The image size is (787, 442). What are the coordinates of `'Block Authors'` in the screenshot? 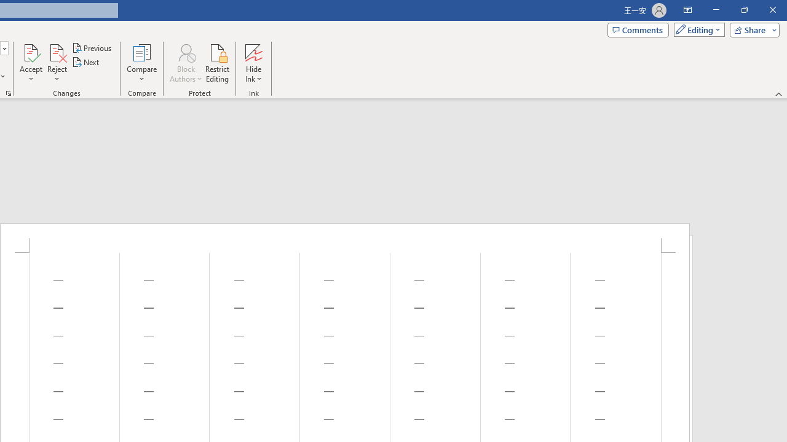 It's located at (185, 63).